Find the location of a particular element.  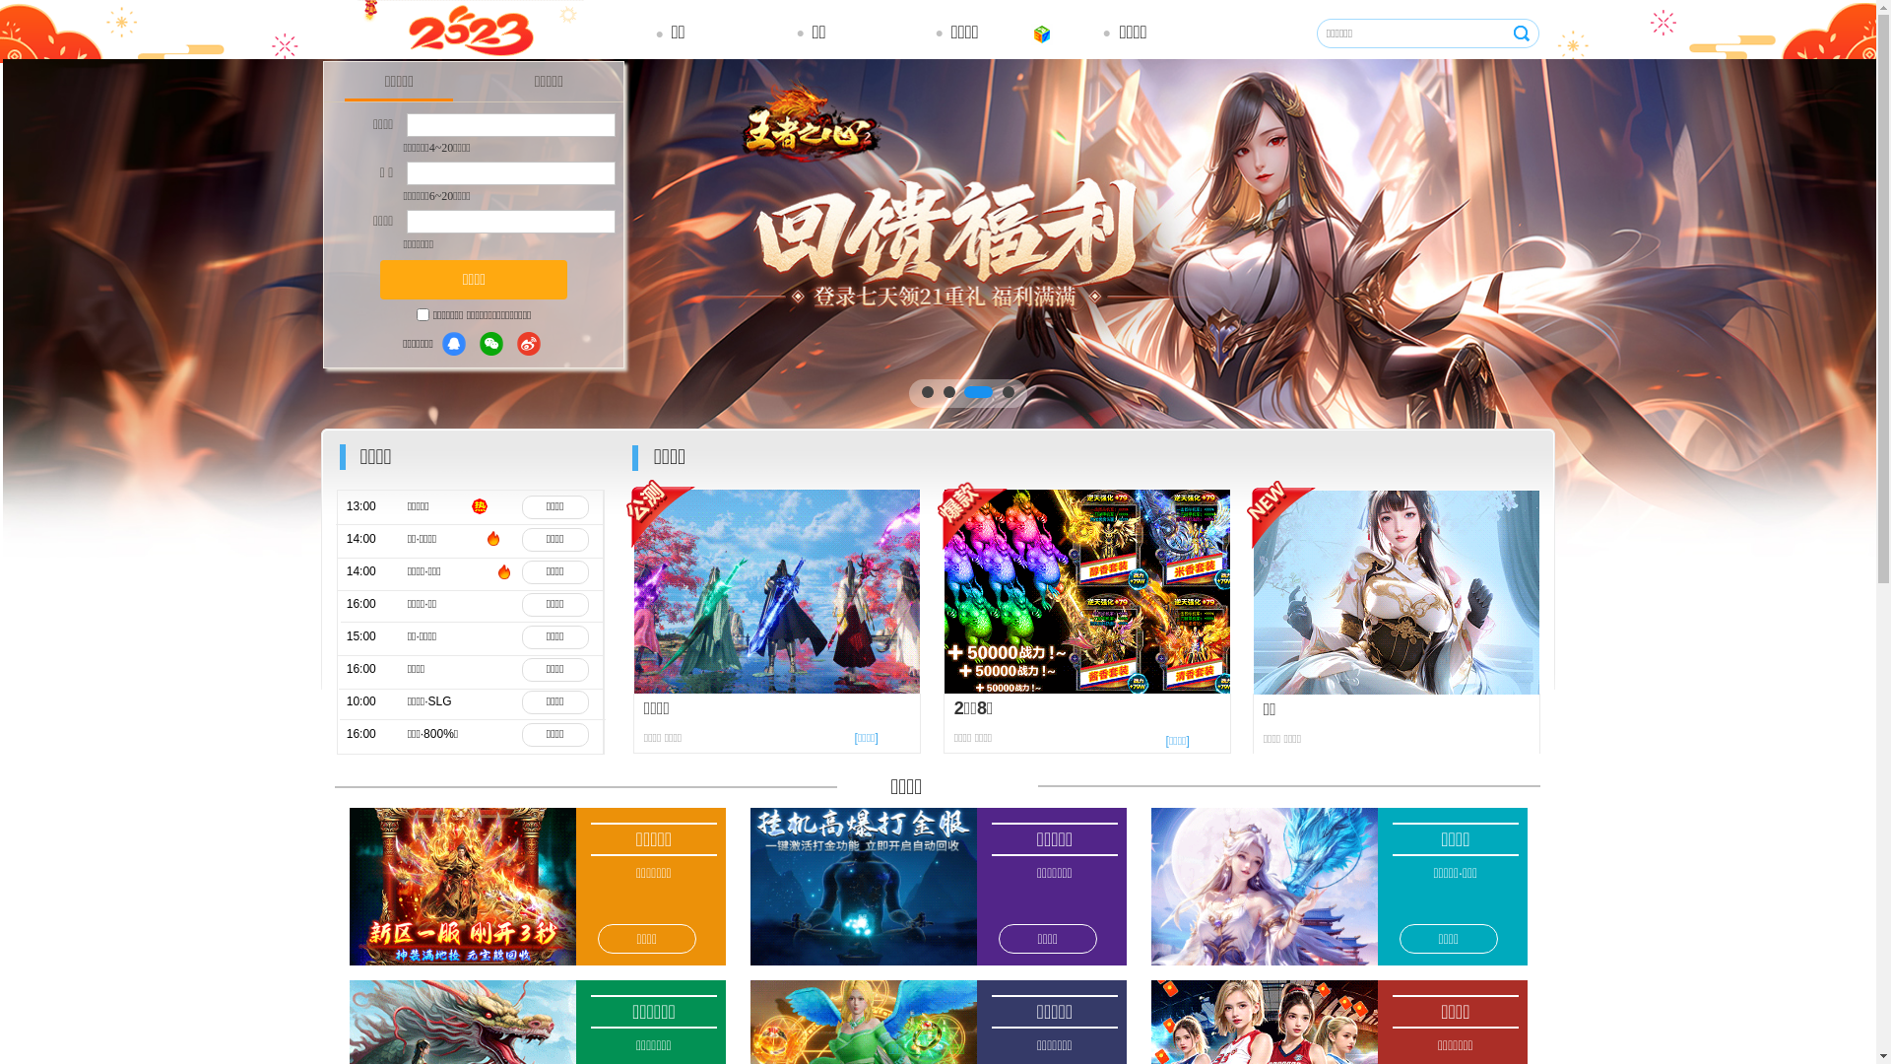

'16:00' is located at coordinates (374, 603).